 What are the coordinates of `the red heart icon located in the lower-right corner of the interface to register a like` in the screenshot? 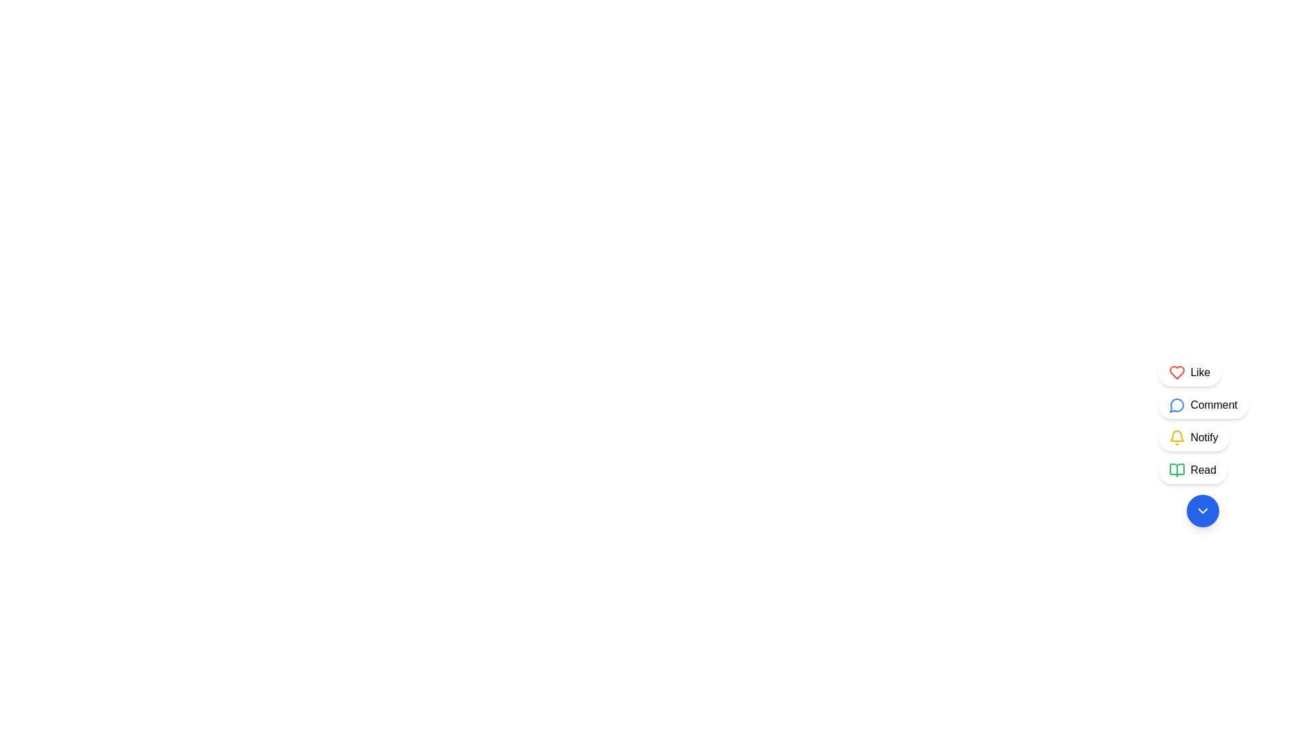 It's located at (1175, 373).